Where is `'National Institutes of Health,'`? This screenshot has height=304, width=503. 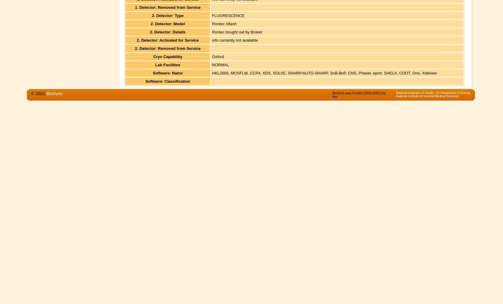 'National Institutes of Health,' is located at coordinates (415, 92).